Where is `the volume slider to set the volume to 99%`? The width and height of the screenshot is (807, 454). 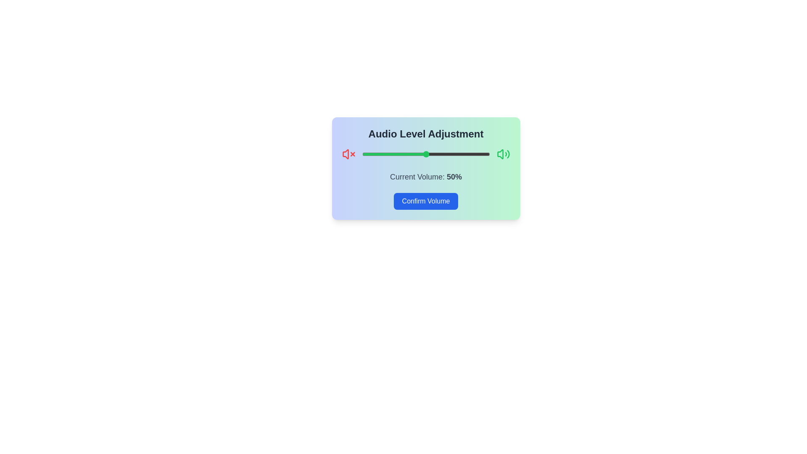
the volume slider to set the volume to 99% is located at coordinates (488, 154).